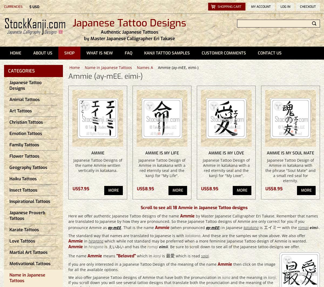 This screenshot has height=287, width=324. I want to click on 'About Us', so click(42, 53).